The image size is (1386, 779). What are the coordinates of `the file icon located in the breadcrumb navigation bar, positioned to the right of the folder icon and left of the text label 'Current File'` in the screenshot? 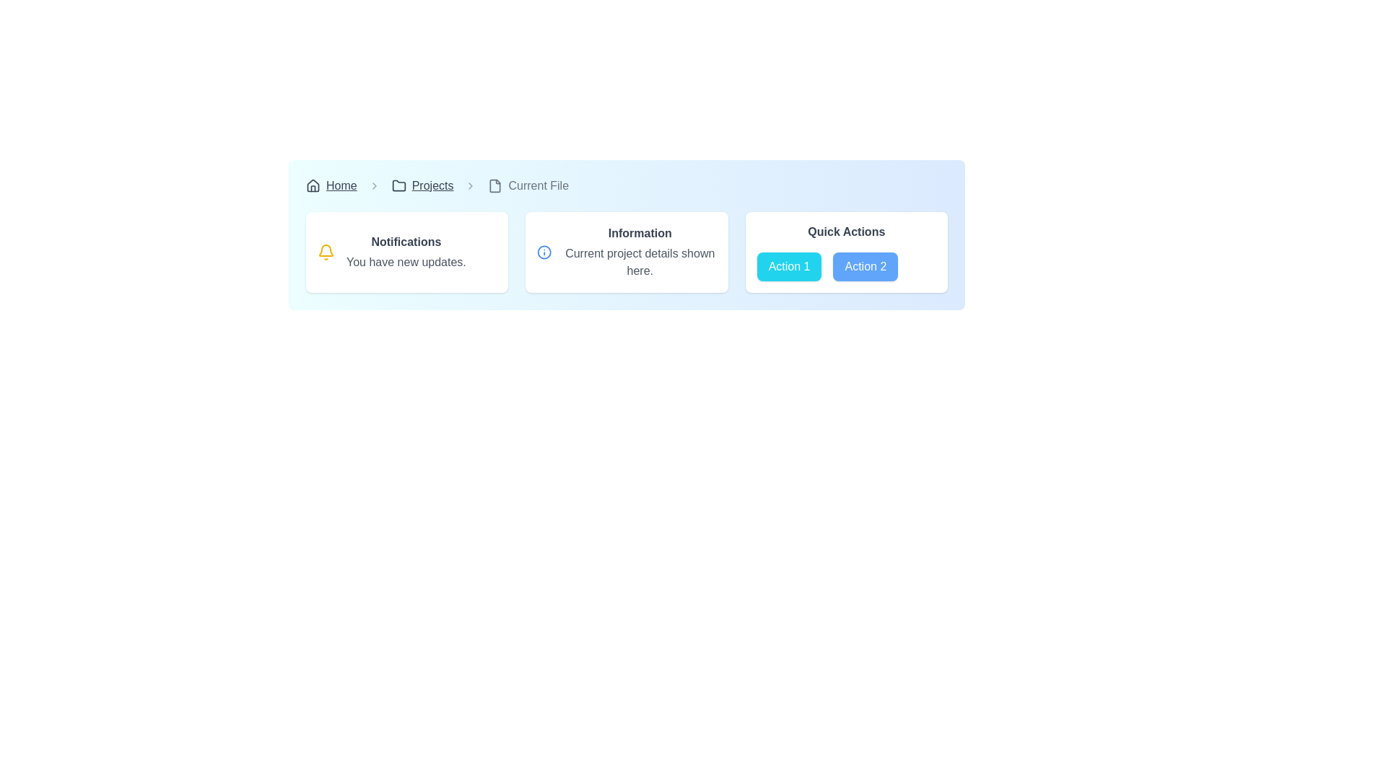 It's located at (495, 185).